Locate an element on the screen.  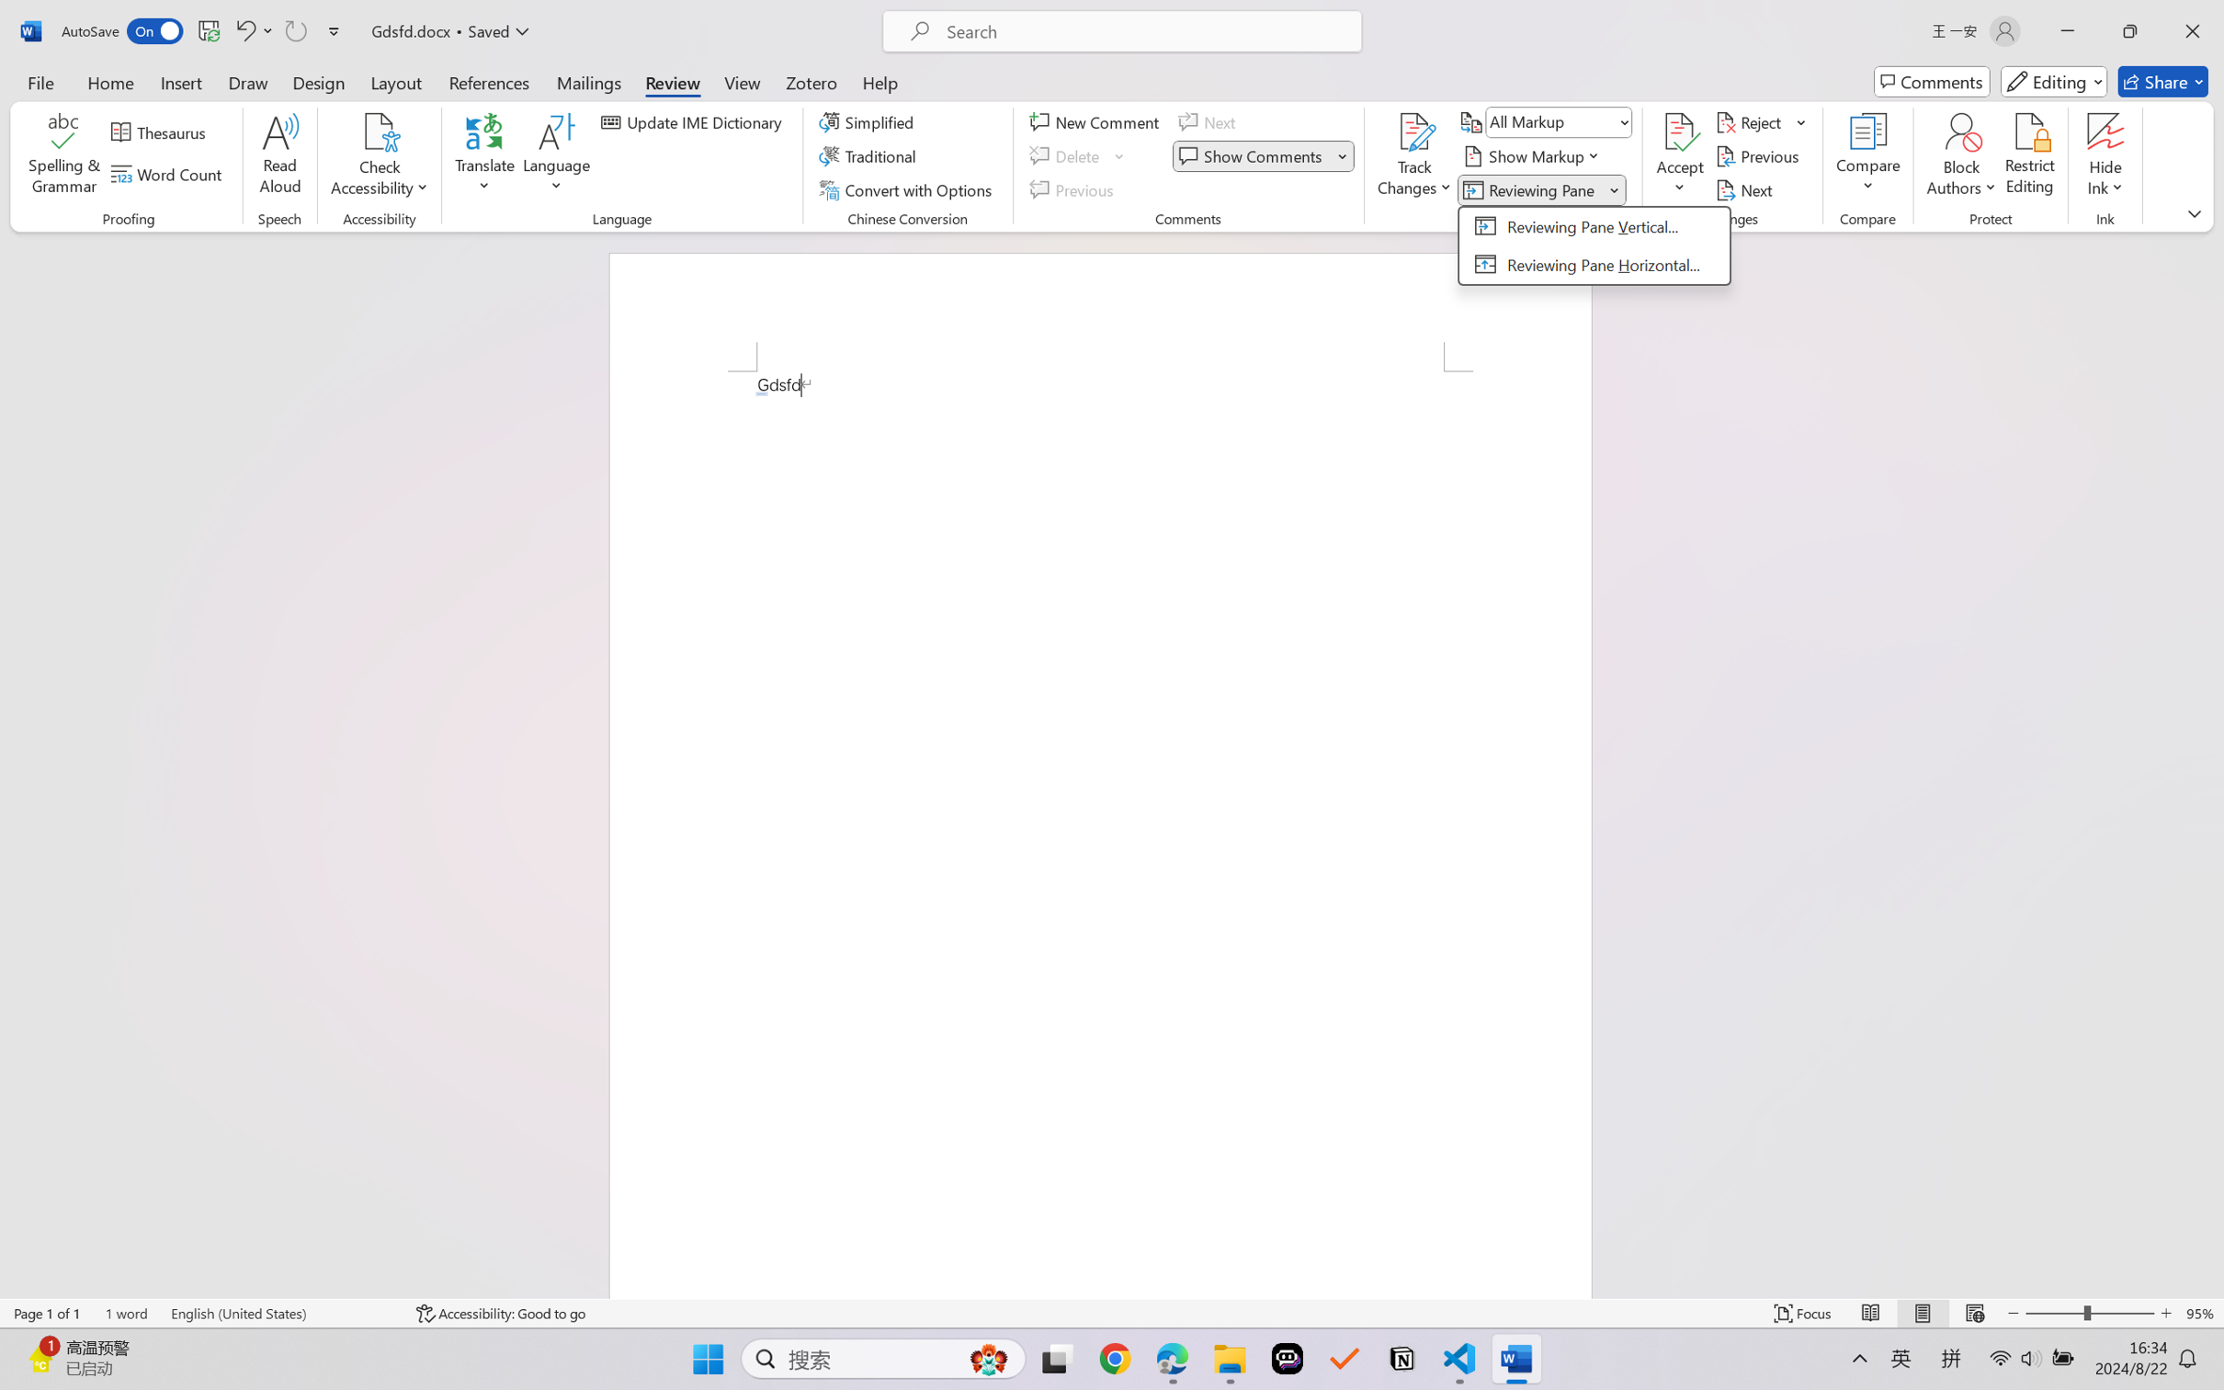
'Restrict Editing' is located at coordinates (2028, 156).